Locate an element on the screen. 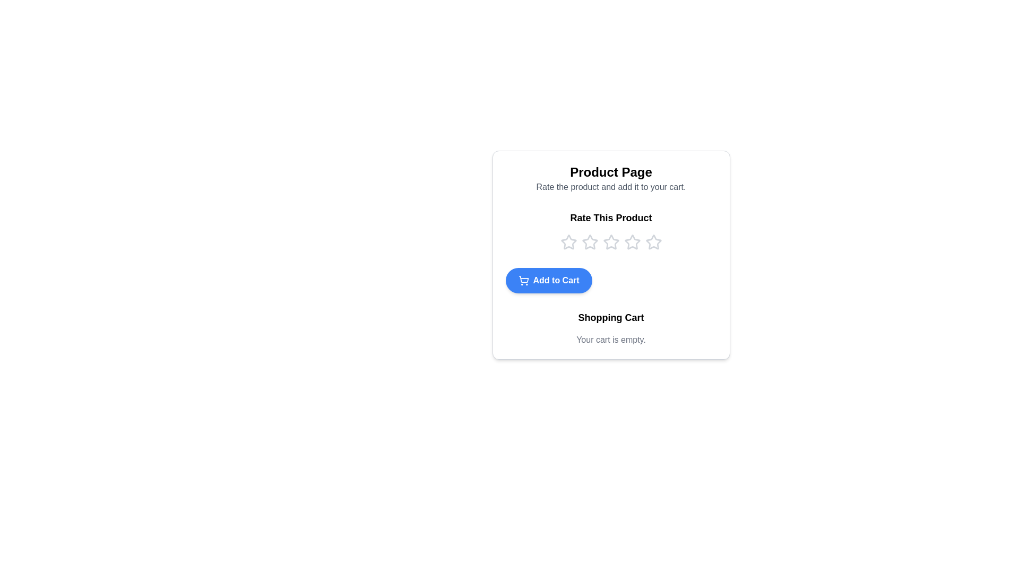 The width and height of the screenshot is (1019, 573). the 'Add to Cart' button that contains the blue shopping cart icon with white details, located to the left of the text 'Add to Cart' is located at coordinates (523, 280).